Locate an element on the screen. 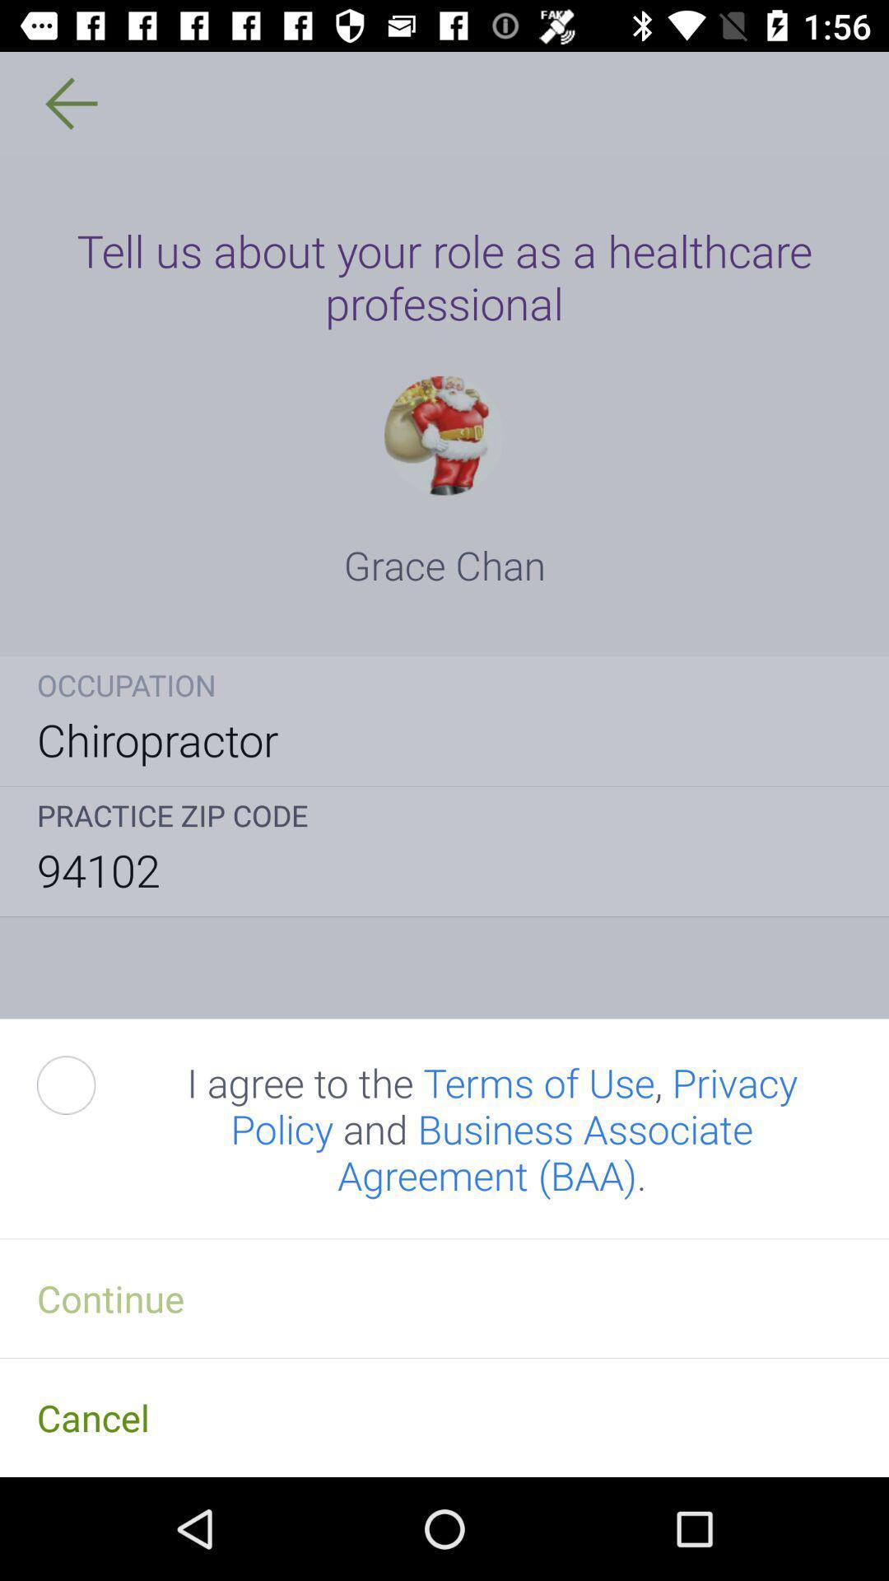 The height and width of the screenshot is (1581, 889). cancel is located at coordinates (444, 1416).